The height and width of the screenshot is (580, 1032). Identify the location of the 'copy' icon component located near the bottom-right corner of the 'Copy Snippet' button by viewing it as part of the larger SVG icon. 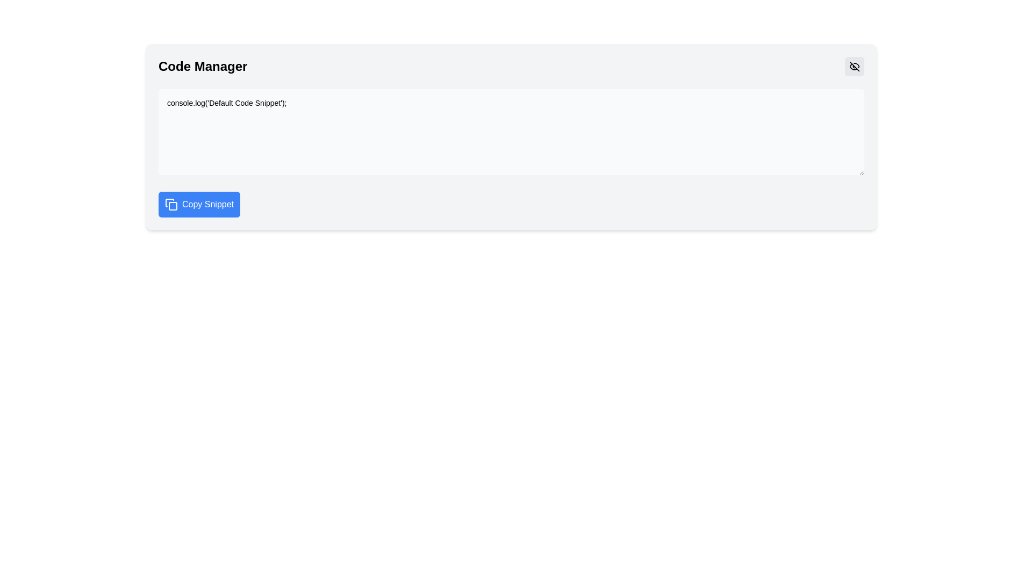
(173, 206).